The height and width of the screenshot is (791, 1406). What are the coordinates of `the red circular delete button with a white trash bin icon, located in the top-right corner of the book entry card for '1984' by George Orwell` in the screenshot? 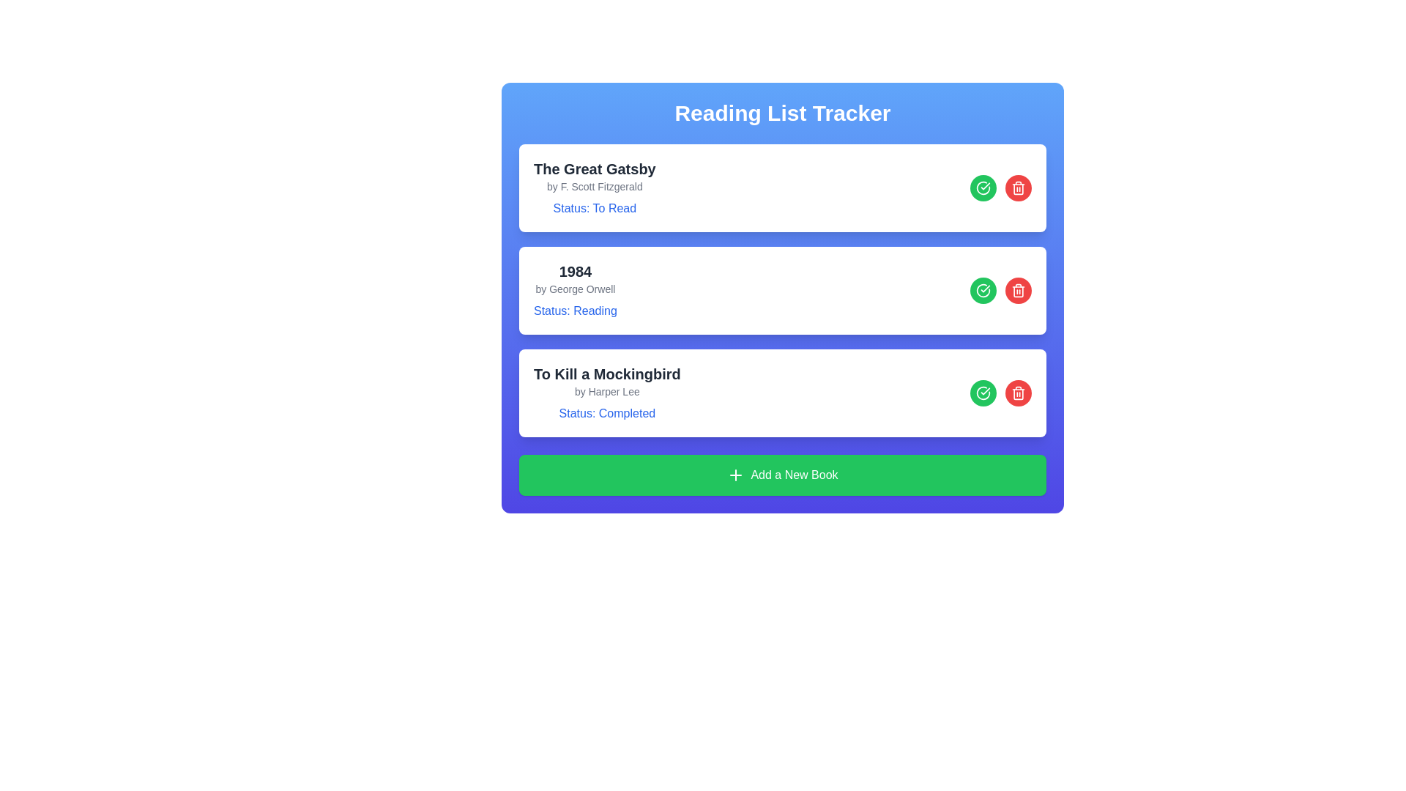 It's located at (1018, 392).